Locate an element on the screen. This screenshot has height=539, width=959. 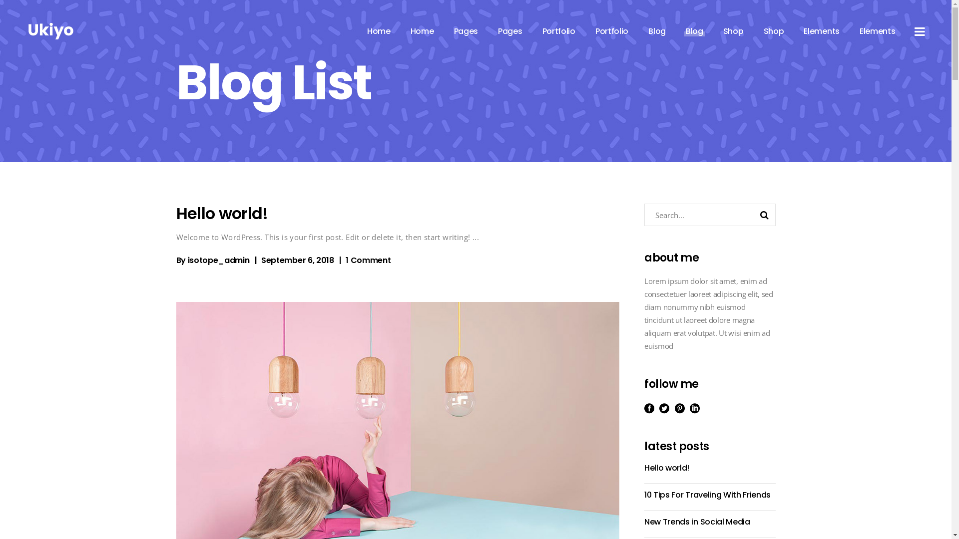
'Portfolio' is located at coordinates (558, 30).